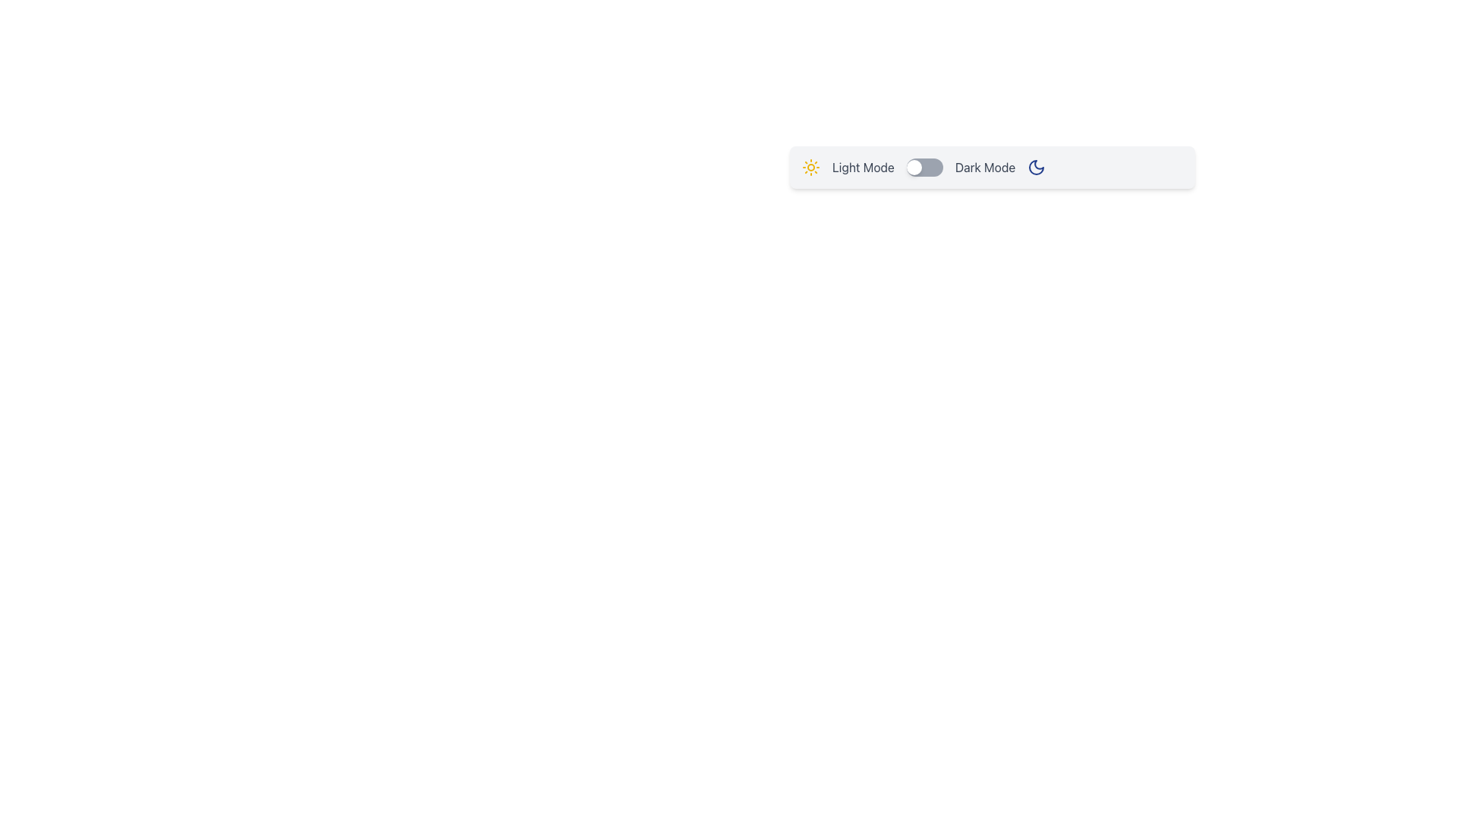 The width and height of the screenshot is (1457, 819). What do you see at coordinates (810, 167) in the screenshot?
I see `the sun icon that represents the 'Light Mode' option located on the left side of the theme toggle setting layout, before the 'Light Mode' text` at bounding box center [810, 167].